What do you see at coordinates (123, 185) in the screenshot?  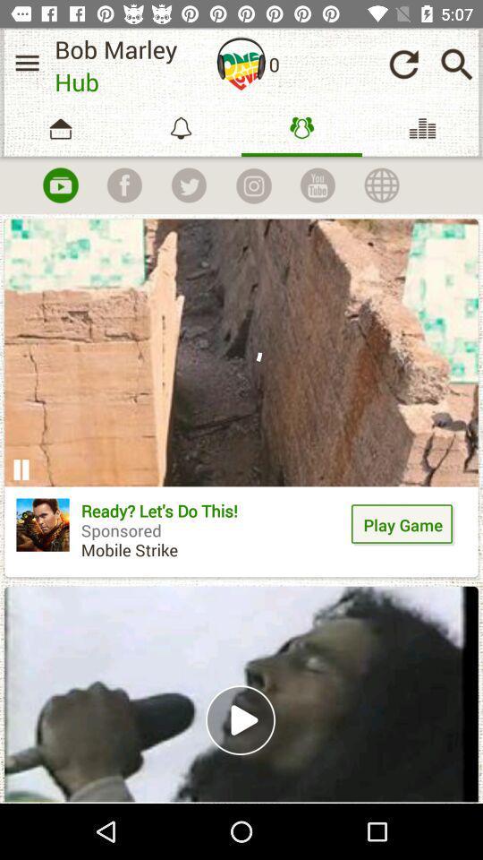 I see `connect to facebook` at bounding box center [123, 185].